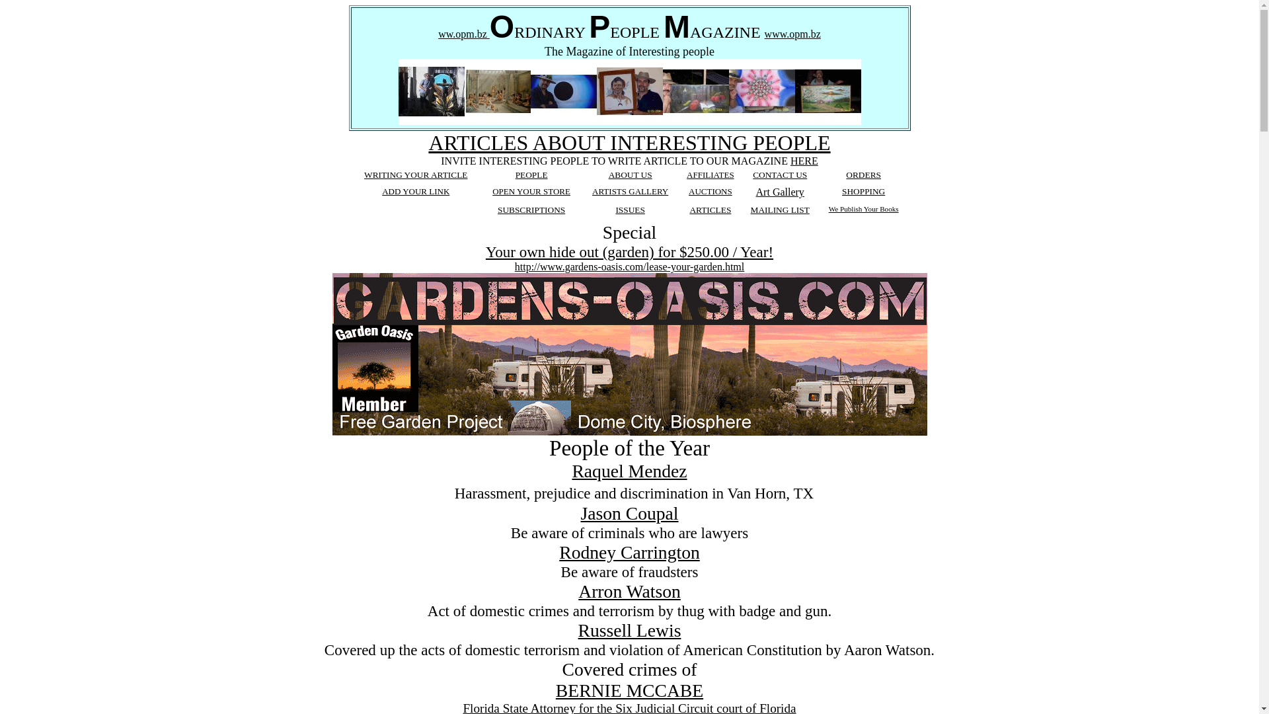  Describe the element at coordinates (780, 192) in the screenshot. I see `'Art Gallery'` at that location.